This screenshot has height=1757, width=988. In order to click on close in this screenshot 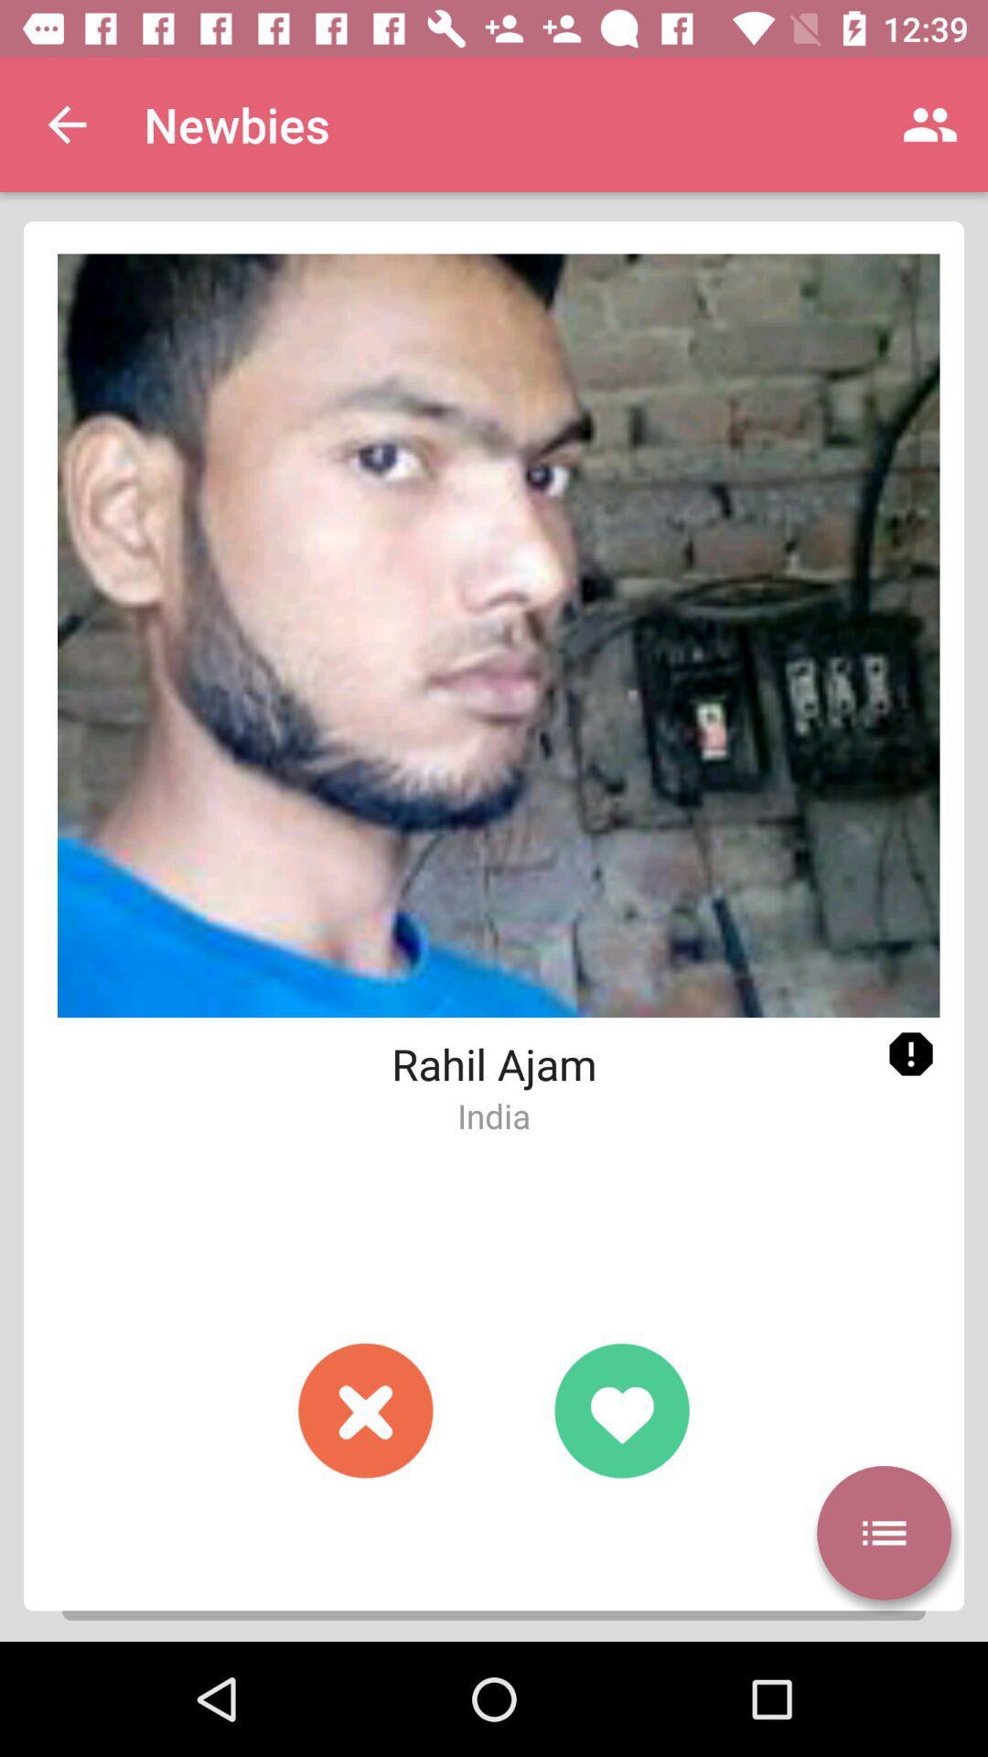, I will do `click(366, 1409)`.